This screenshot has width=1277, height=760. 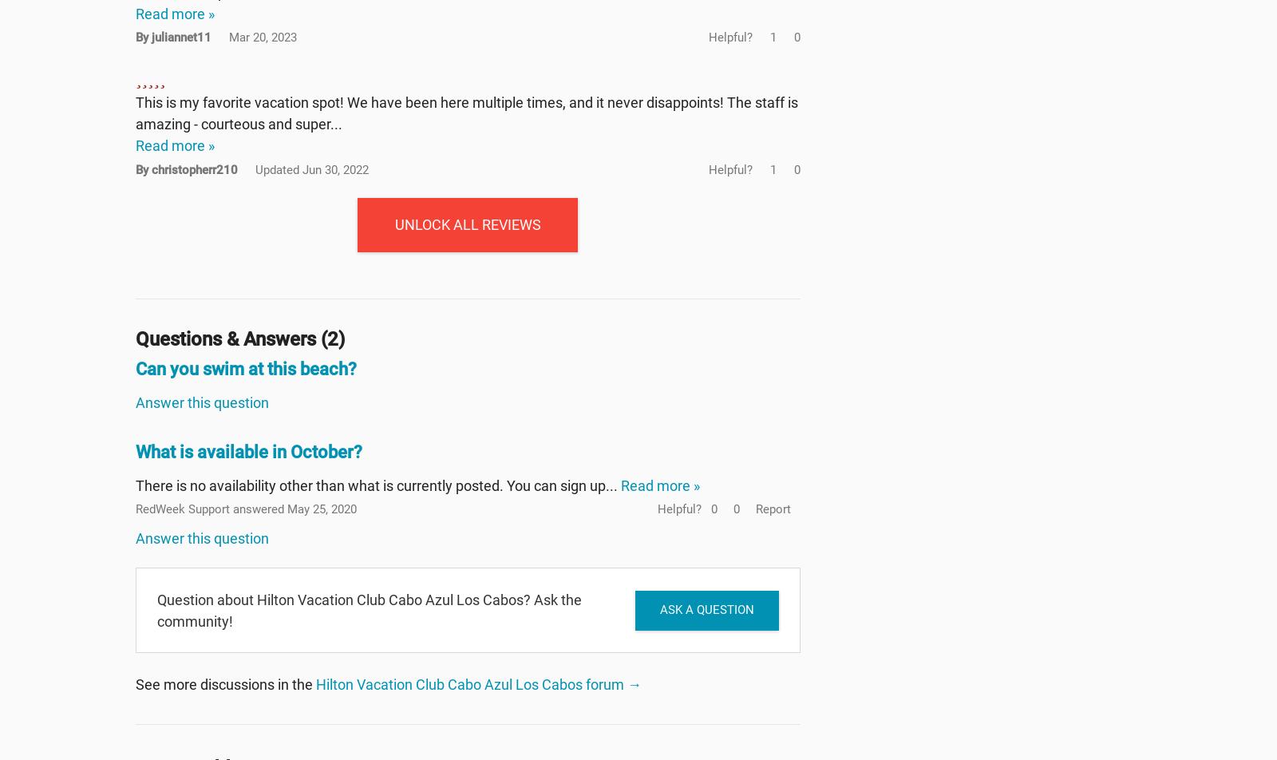 I want to click on 'Mar 20, 2023', so click(x=229, y=38).